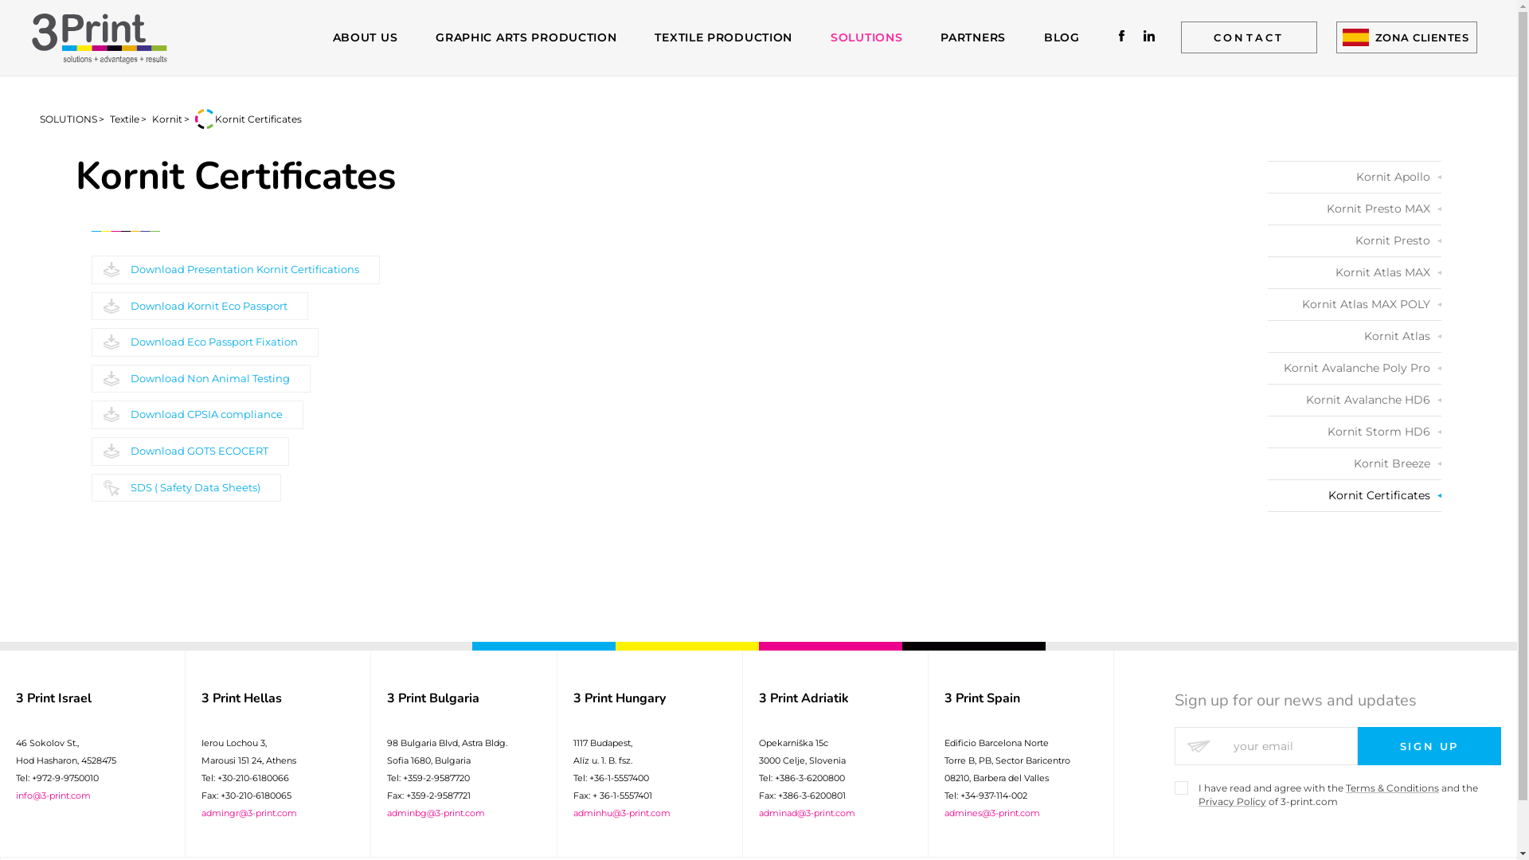 The image size is (1529, 860). Describe the element at coordinates (98, 37) in the screenshot. I see `'3 Print - solutions advantages results'` at that location.